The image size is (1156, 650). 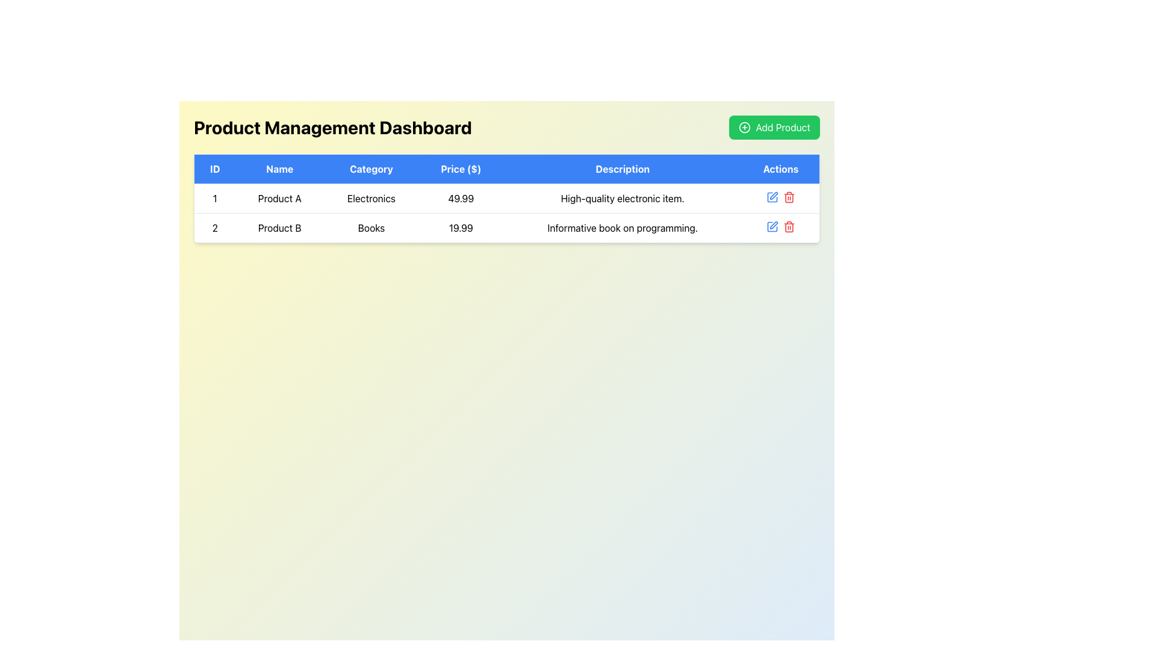 What do you see at coordinates (460, 227) in the screenshot?
I see `the static text displaying the price of 'Product B' located in the second row under the 'Price ($)' column` at bounding box center [460, 227].